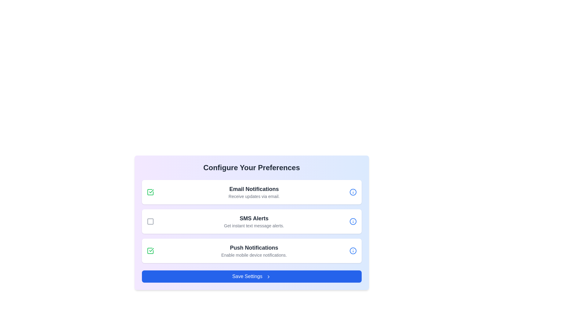  I want to click on the 'Push Notifications' text label, which is displayed in bold and dark gray color within the 'Configure Your Preferences' section, so click(254, 248).